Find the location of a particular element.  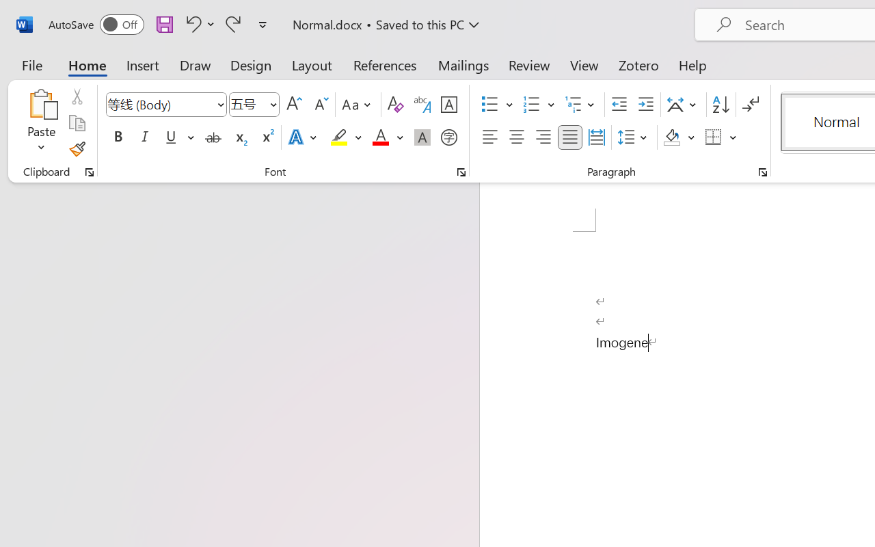

'Justify' is located at coordinates (570, 137).